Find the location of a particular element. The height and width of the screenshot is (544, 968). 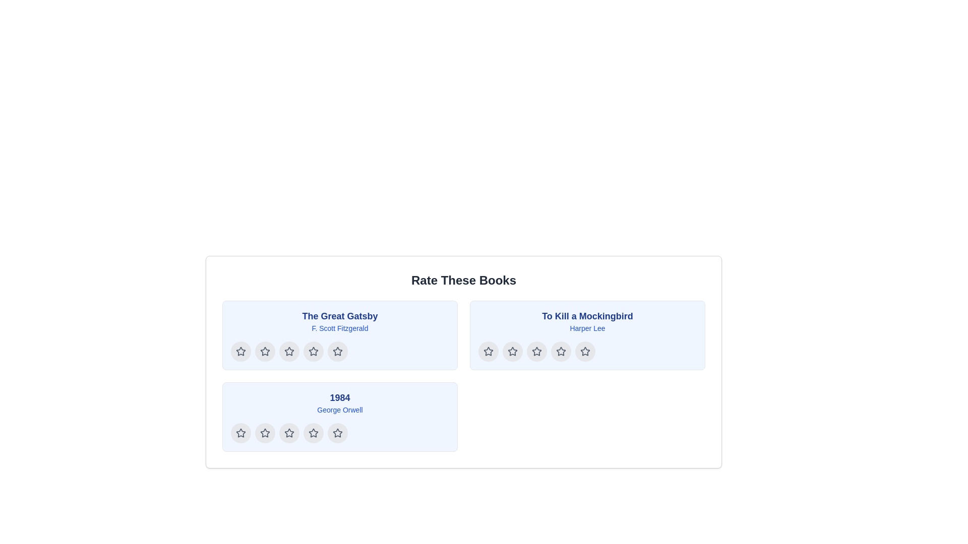

the third star button in the rating row for the book 'To Kill a Mockingbird' is located at coordinates (536, 351).